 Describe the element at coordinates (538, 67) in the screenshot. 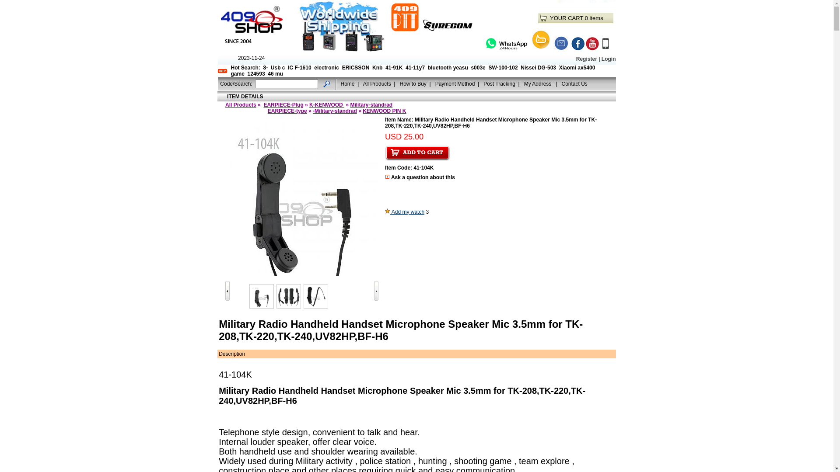

I see `'Nissei DG-503'` at that location.